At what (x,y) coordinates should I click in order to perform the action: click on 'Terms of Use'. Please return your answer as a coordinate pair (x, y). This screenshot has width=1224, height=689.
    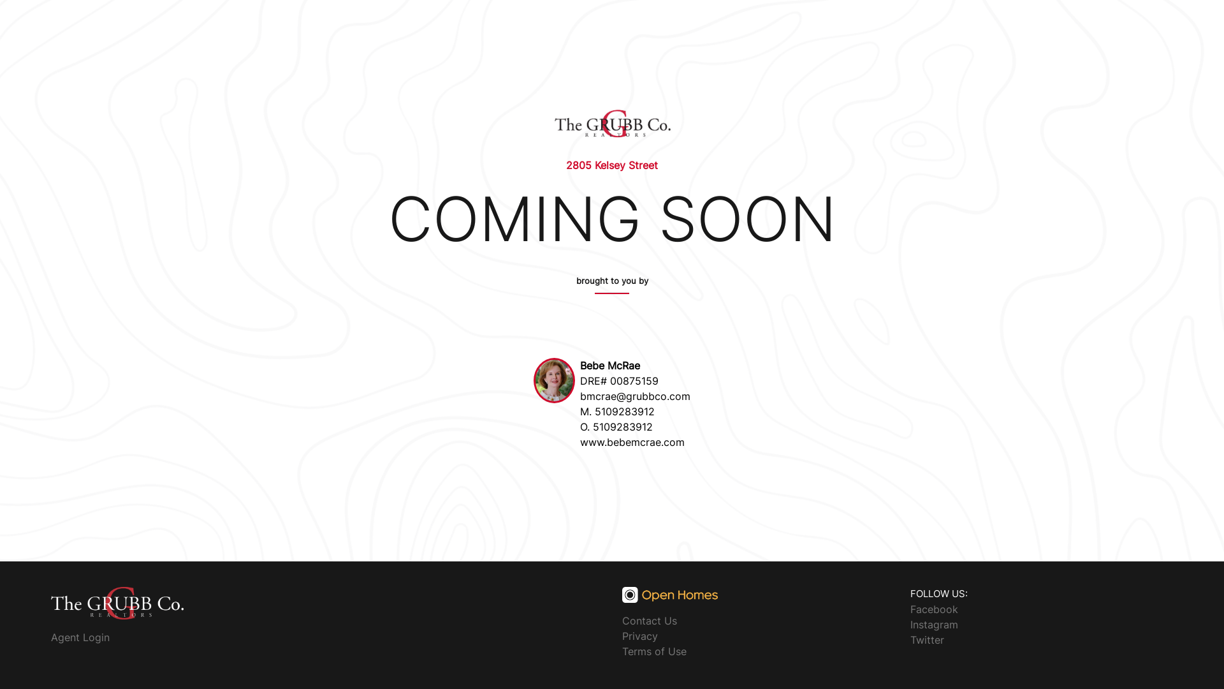
    Looking at the image, I should click on (654, 651).